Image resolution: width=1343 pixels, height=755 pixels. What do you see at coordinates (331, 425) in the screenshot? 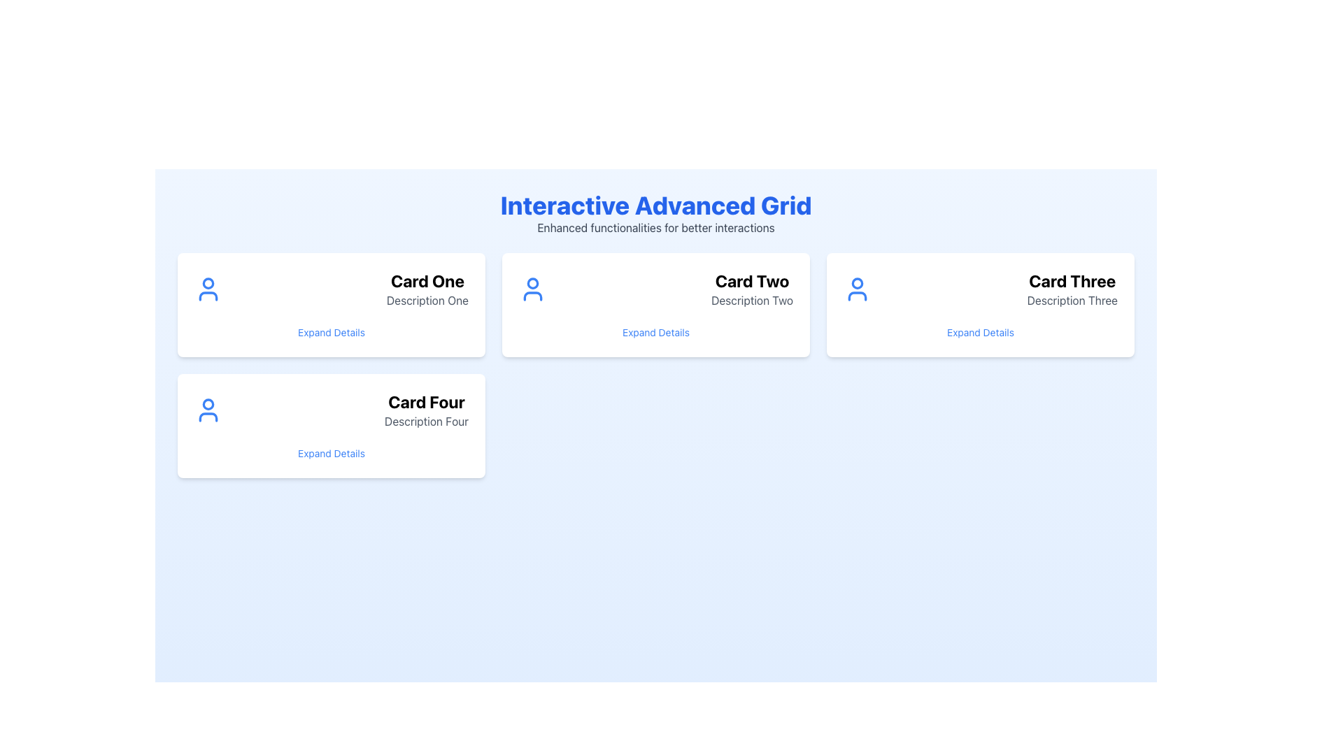
I see `the 'Expand Details' link on the composite card element located in the second row and first column of the grid layout` at bounding box center [331, 425].